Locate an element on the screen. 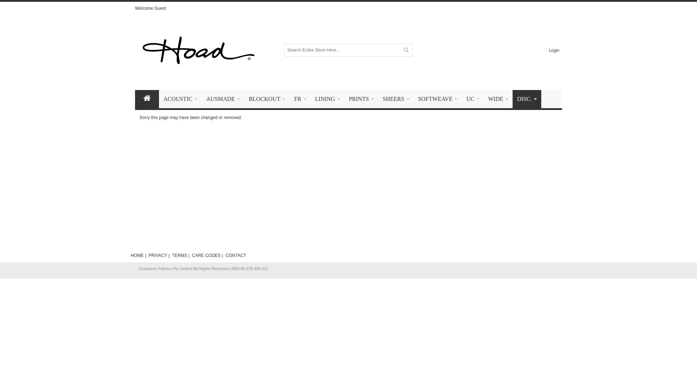  'HOME' is located at coordinates (137, 255).